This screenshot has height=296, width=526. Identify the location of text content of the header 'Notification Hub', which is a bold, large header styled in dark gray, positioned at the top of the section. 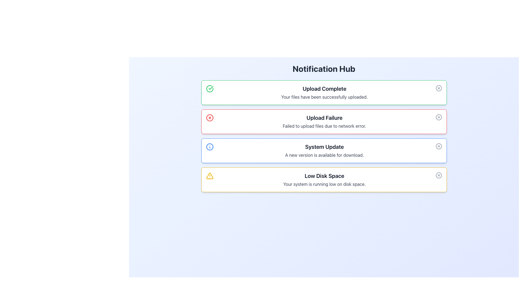
(324, 68).